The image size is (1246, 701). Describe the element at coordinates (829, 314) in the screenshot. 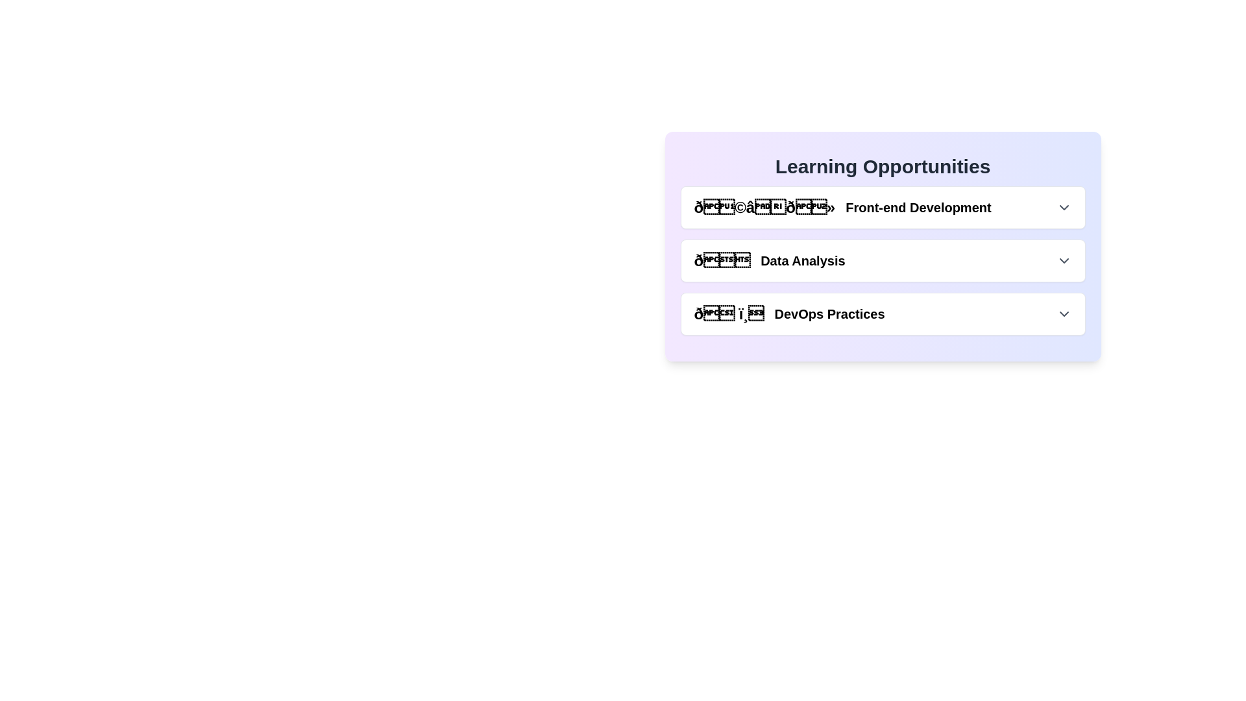

I see `the 'DevOps Practices' text label, which is styled in bold serif font and located within the 'Learning Opportunities' section` at that location.